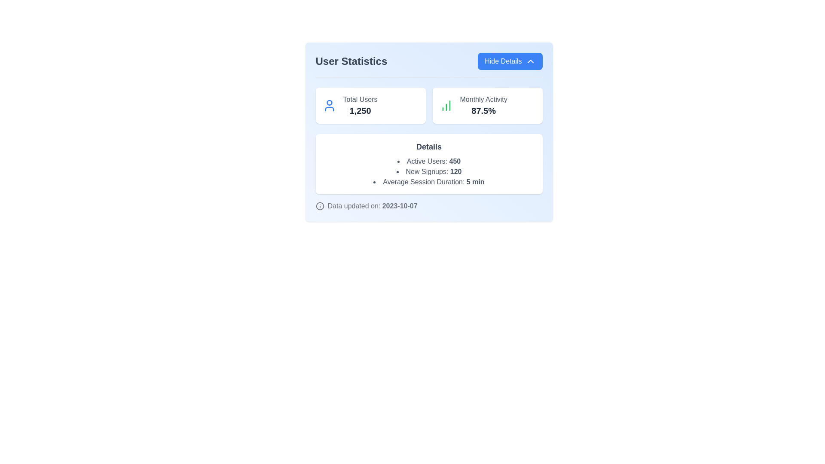  What do you see at coordinates (429, 161) in the screenshot?
I see `text 'Active Users: 450', which is the first list item in the 'Details' section of the UI, presented in a darker shade against the background` at bounding box center [429, 161].